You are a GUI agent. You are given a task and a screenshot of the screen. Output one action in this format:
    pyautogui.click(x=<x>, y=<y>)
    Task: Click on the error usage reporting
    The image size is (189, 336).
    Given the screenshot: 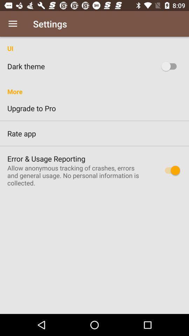 What is the action you would take?
    pyautogui.click(x=170, y=170)
    